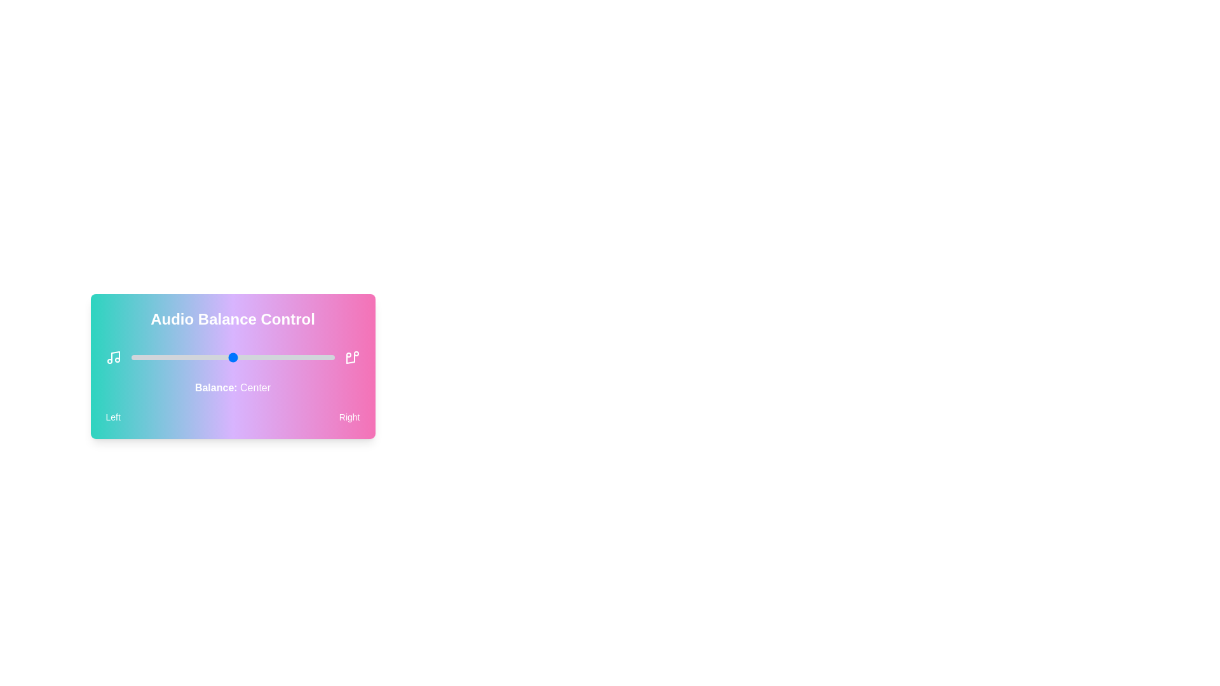  What do you see at coordinates (285, 358) in the screenshot?
I see `the audio balance slider to 76 percent` at bounding box center [285, 358].